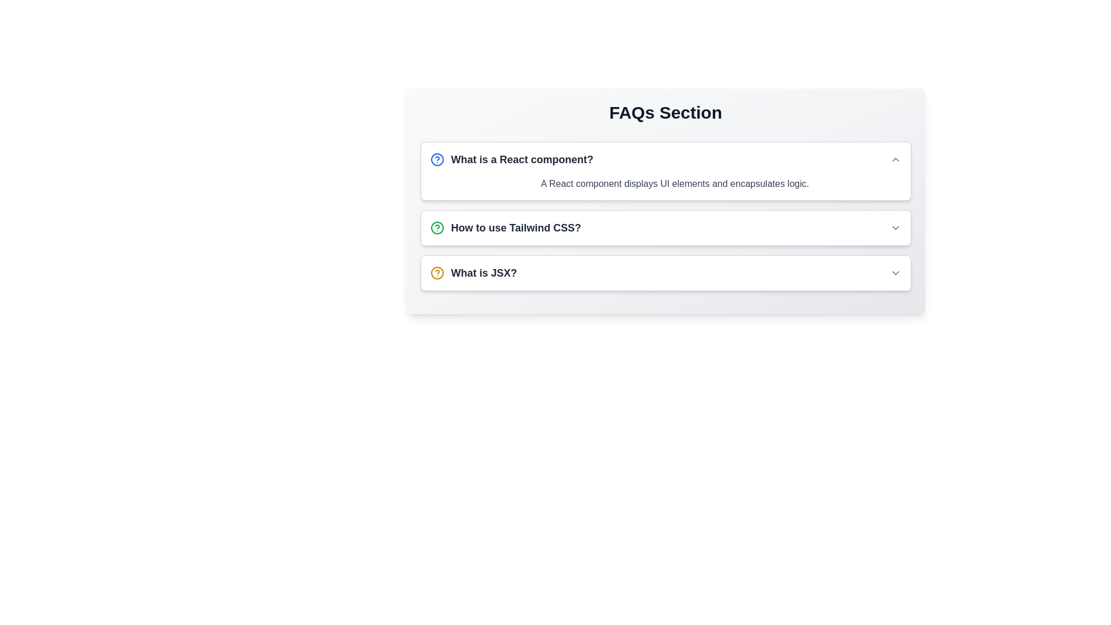 Image resolution: width=1111 pixels, height=625 pixels. Describe the element at coordinates (895, 273) in the screenshot. I see `the downward-pointing chevron icon located next to the question text 'What is JSX?'` at that location.